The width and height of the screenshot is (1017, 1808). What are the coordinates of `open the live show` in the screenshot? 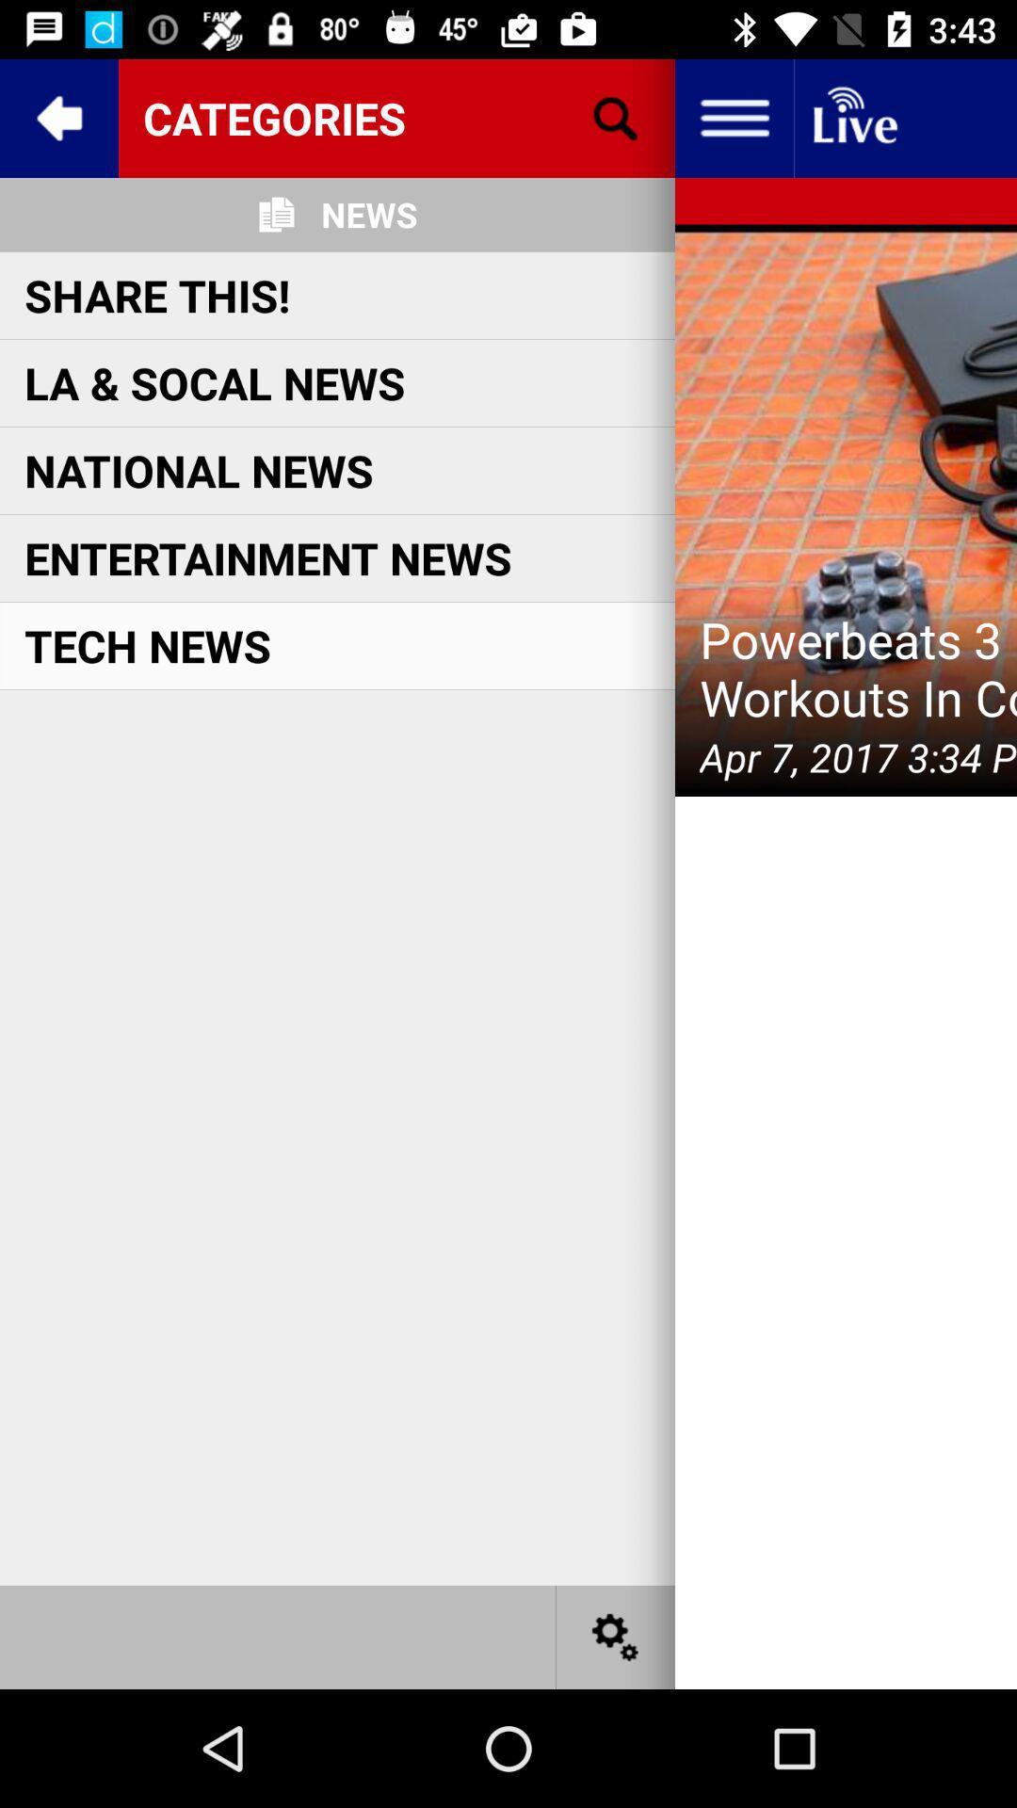 It's located at (853, 117).